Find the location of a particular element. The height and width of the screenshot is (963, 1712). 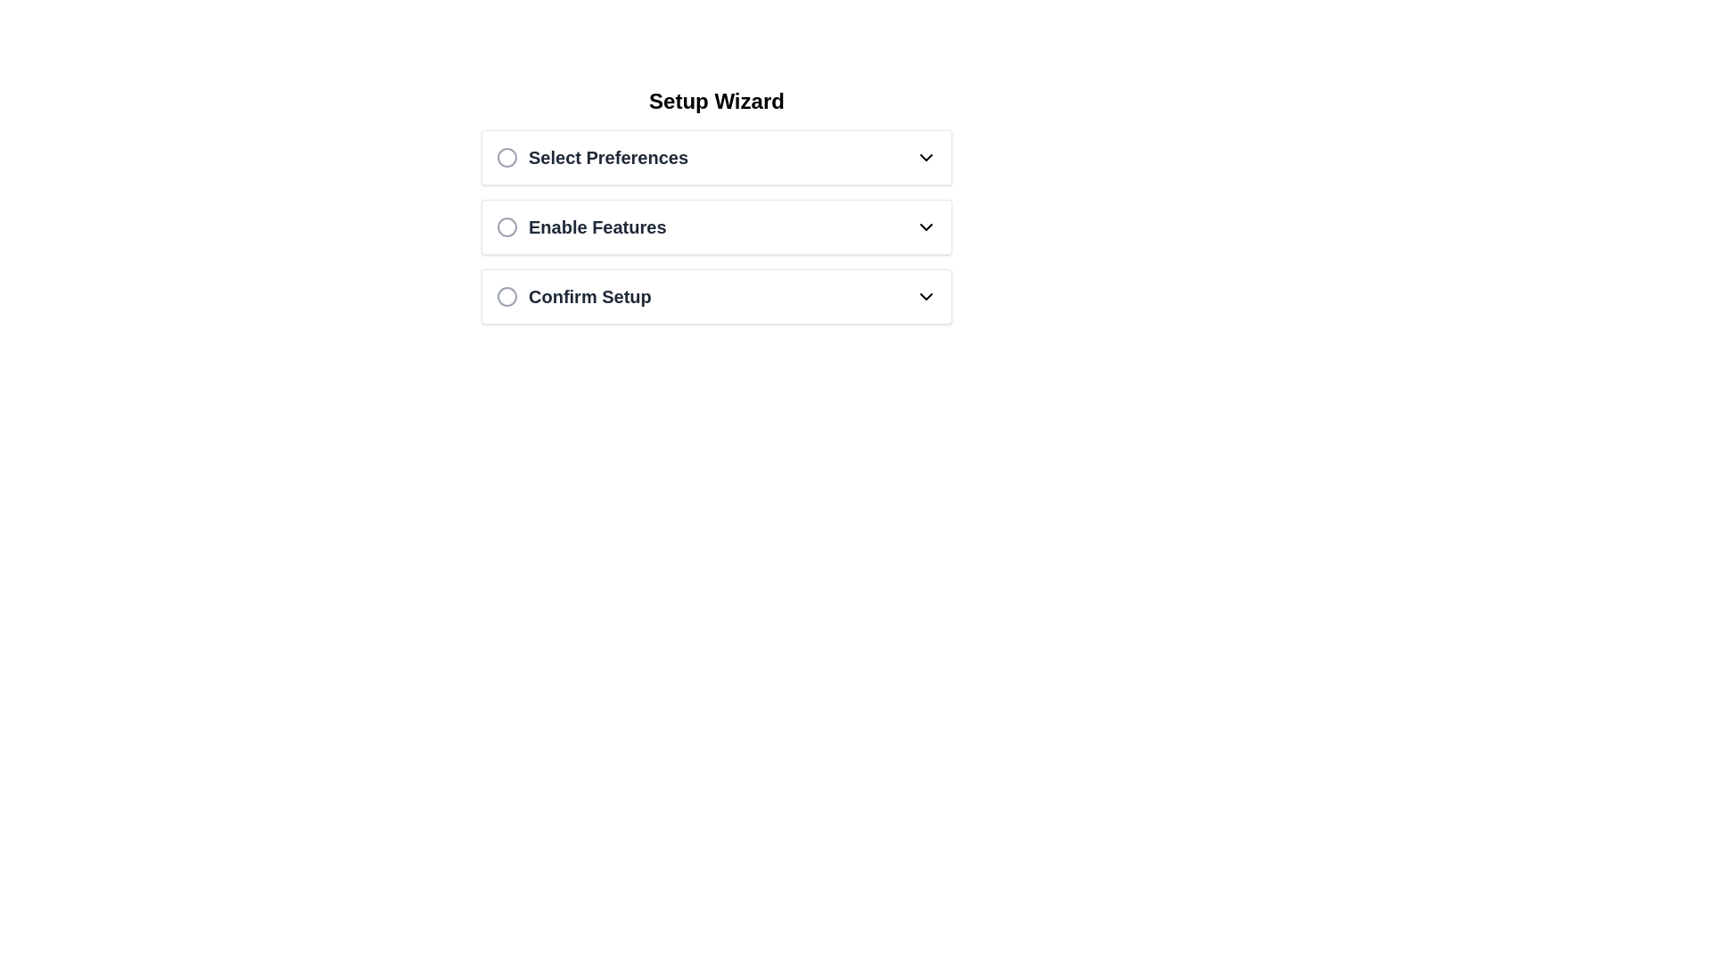

the 'Select Preferences' dropdown trigger is located at coordinates (717, 157).